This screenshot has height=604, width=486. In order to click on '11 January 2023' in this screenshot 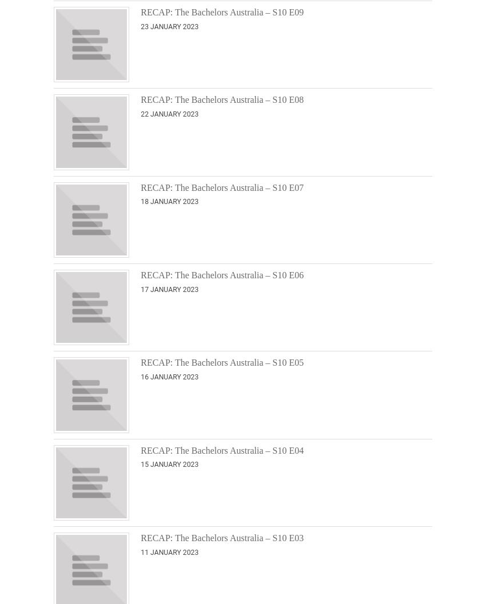, I will do `click(169, 551)`.